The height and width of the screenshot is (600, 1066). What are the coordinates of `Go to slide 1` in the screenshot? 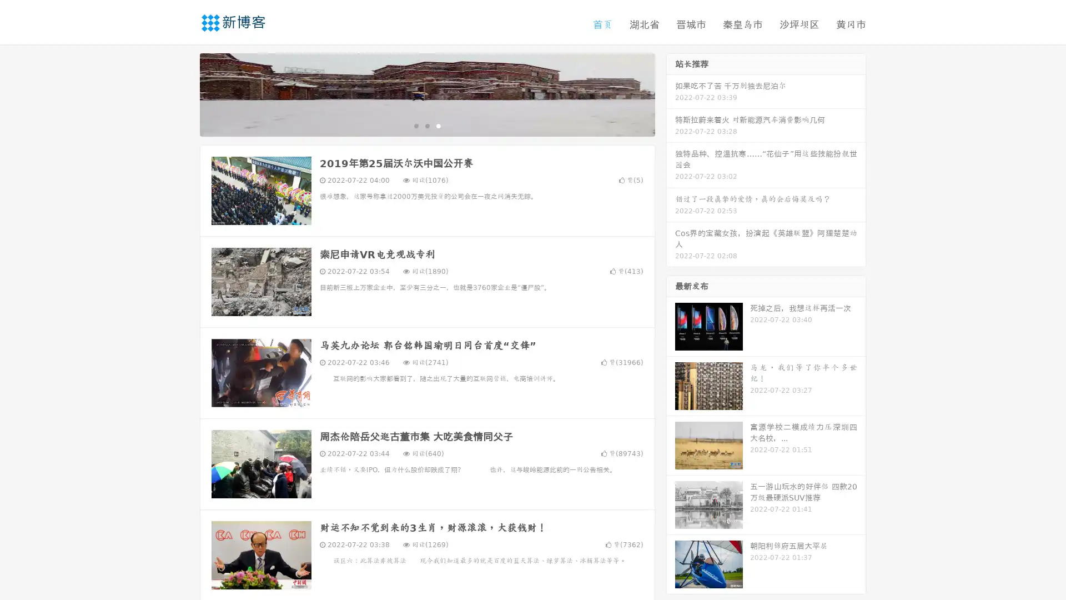 It's located at (415, 125).